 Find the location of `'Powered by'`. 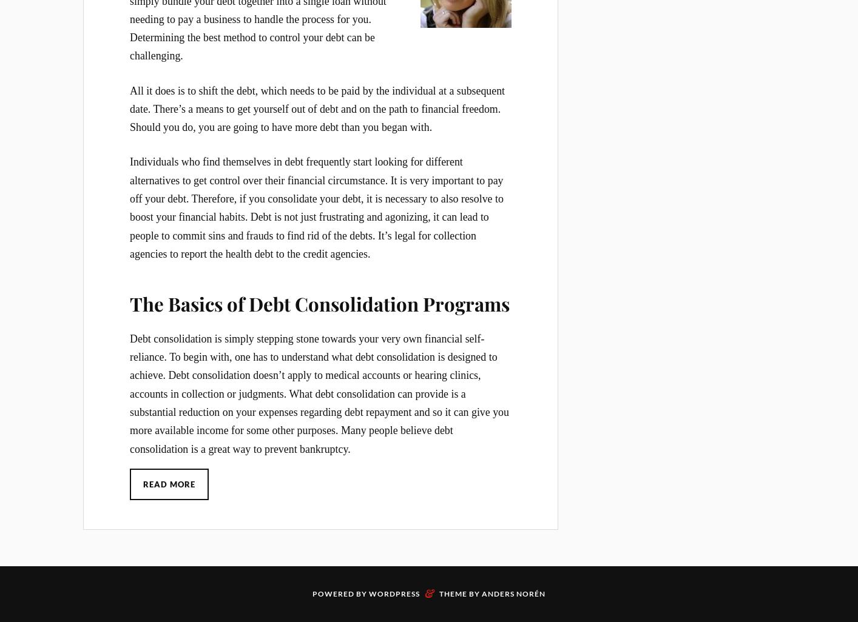

'Powered by' is located at coordinates (340, 593).